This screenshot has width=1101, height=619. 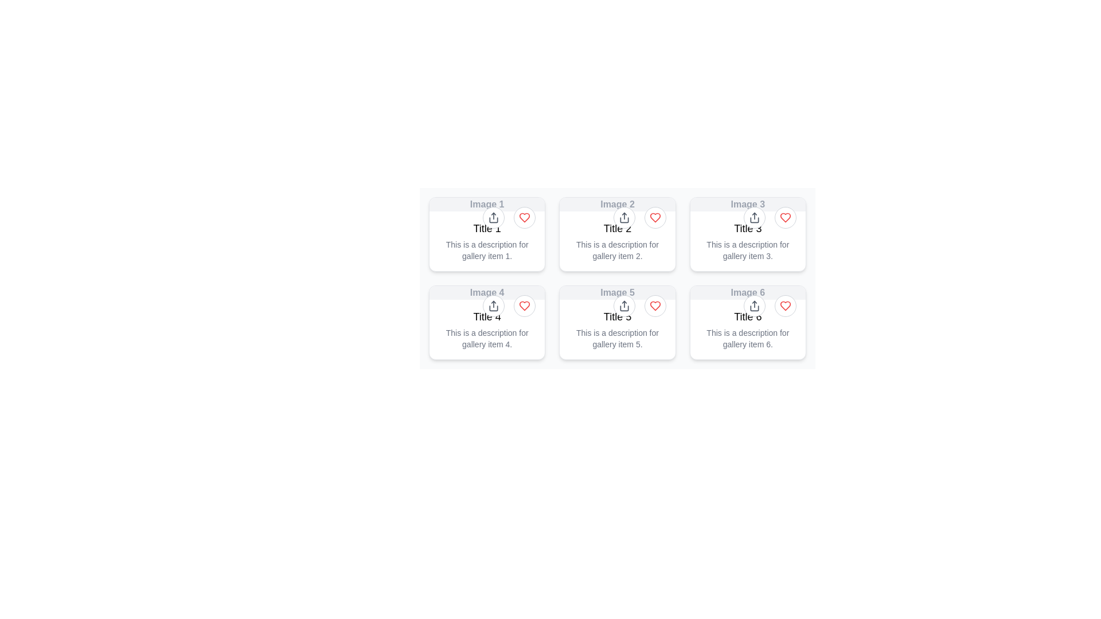 What do you see at coordinates (784, 218) in the screenshot?
I see `the heart-shaped icon button, which is styled in bright red and located at the top-right corner of the card labeled 'Image 3', to favorite or unfavorite it` at bounding box center [784, 218].